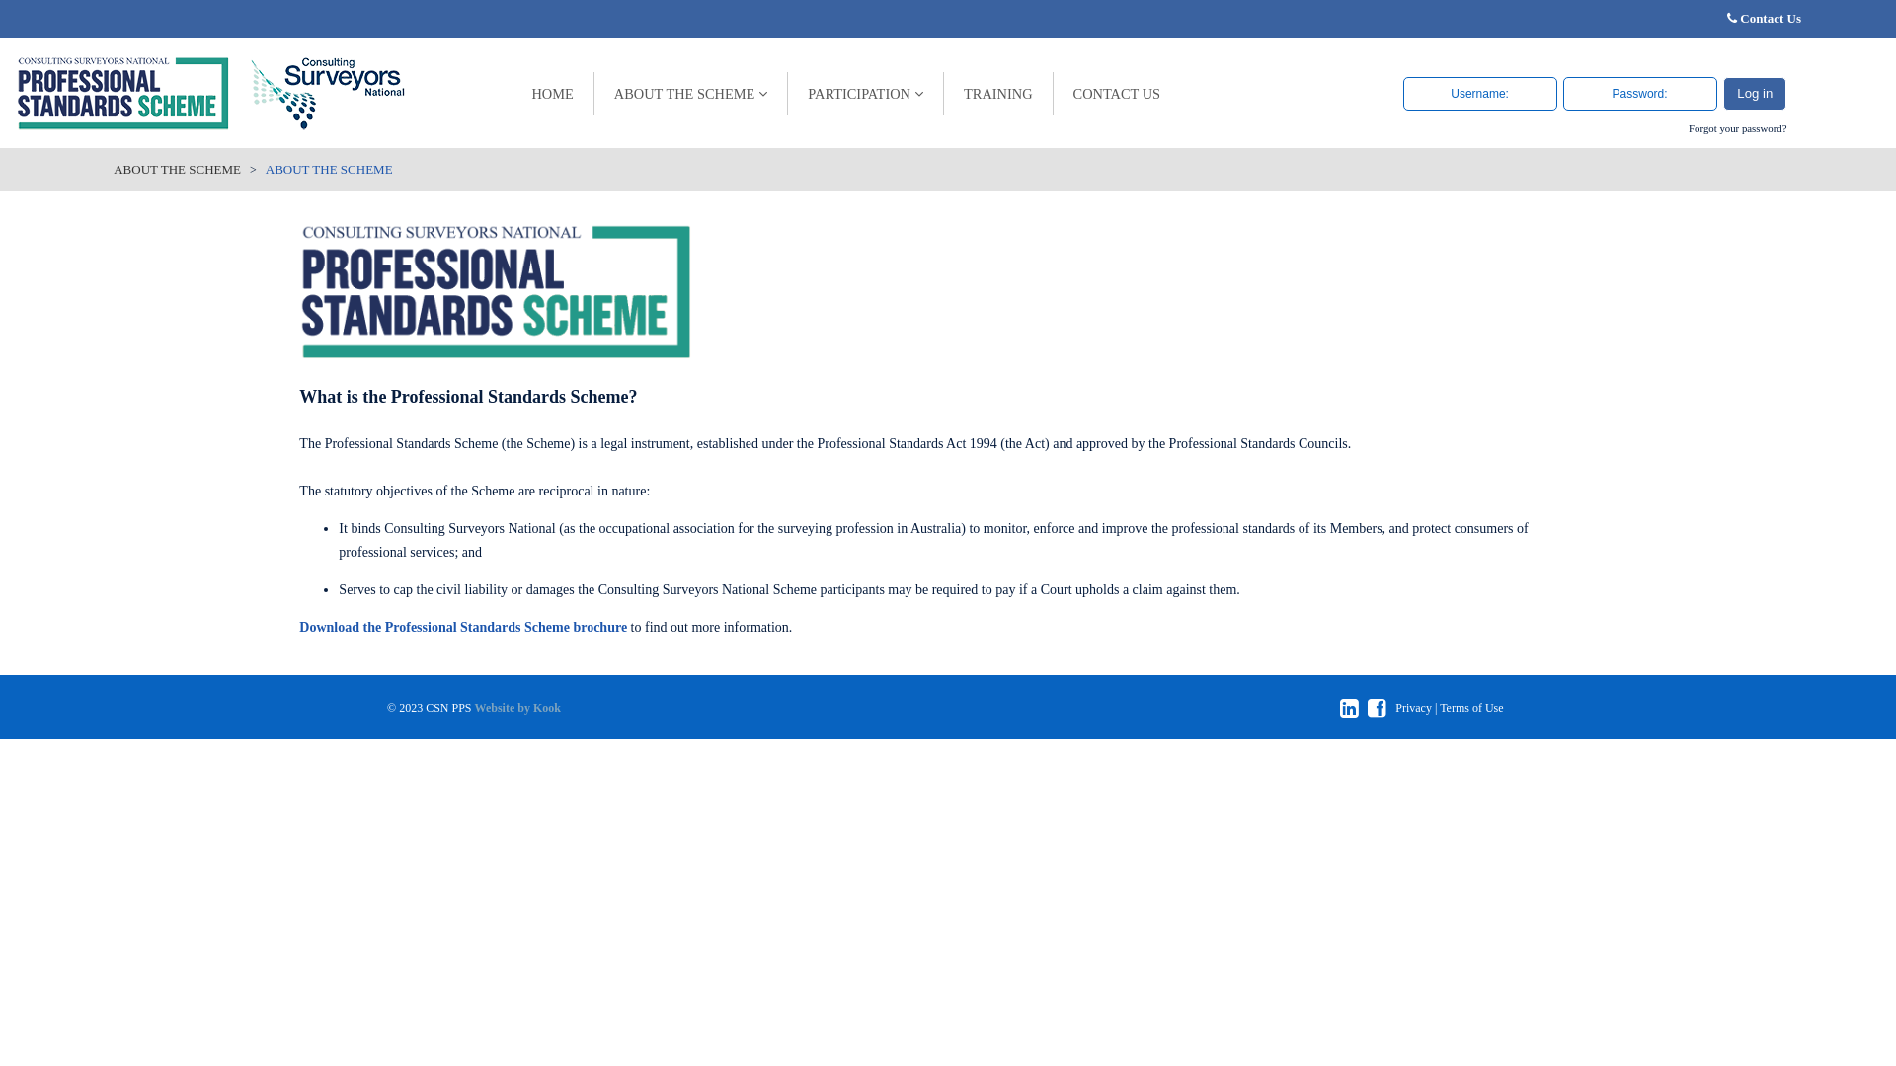  I want to click on 'TRAINING', so click(998, 94).